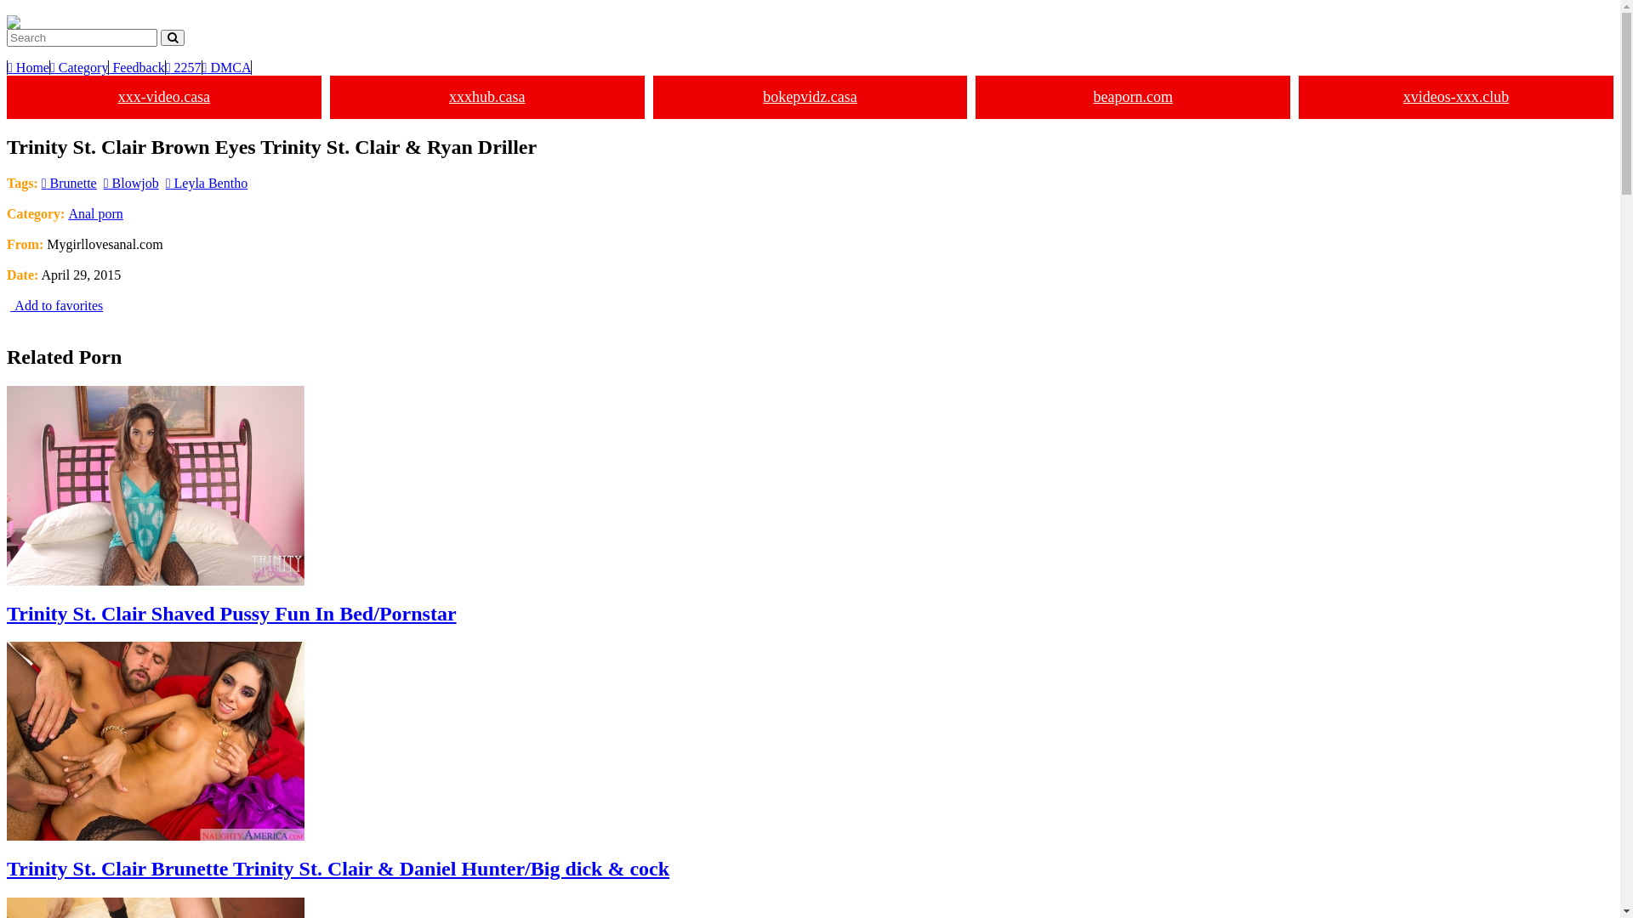 The image size is (1633, 918). Describe the element at coordinates (28, 66) in the screenshot. I see `'Home'` at that location.